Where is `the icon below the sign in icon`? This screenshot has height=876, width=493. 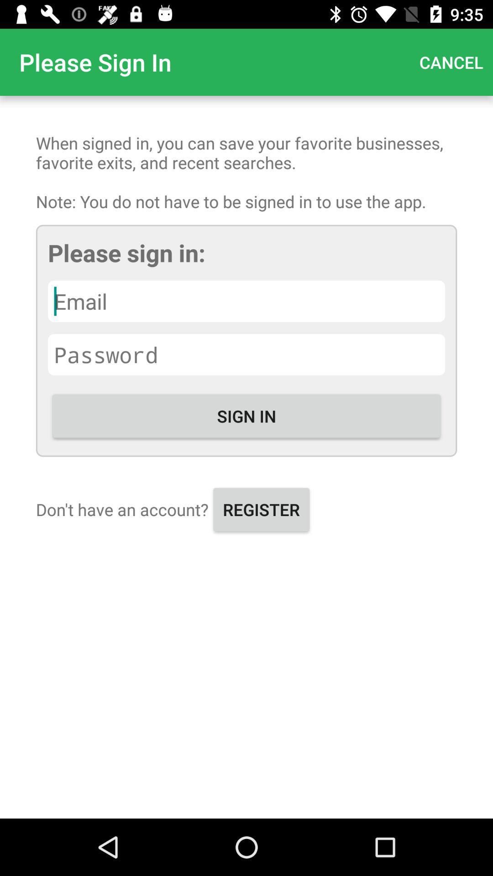
the icon below the sign in icon is located at coordinates (261, 509).